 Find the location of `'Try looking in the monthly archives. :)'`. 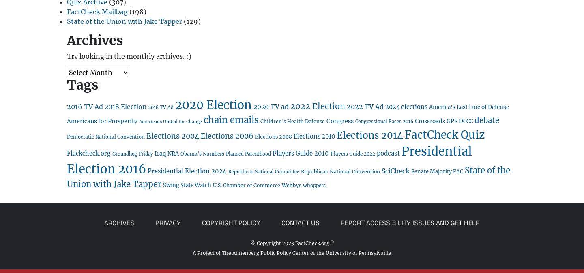

'Try looking in the monthly archives. :)' is located at coordinates (129, 55).